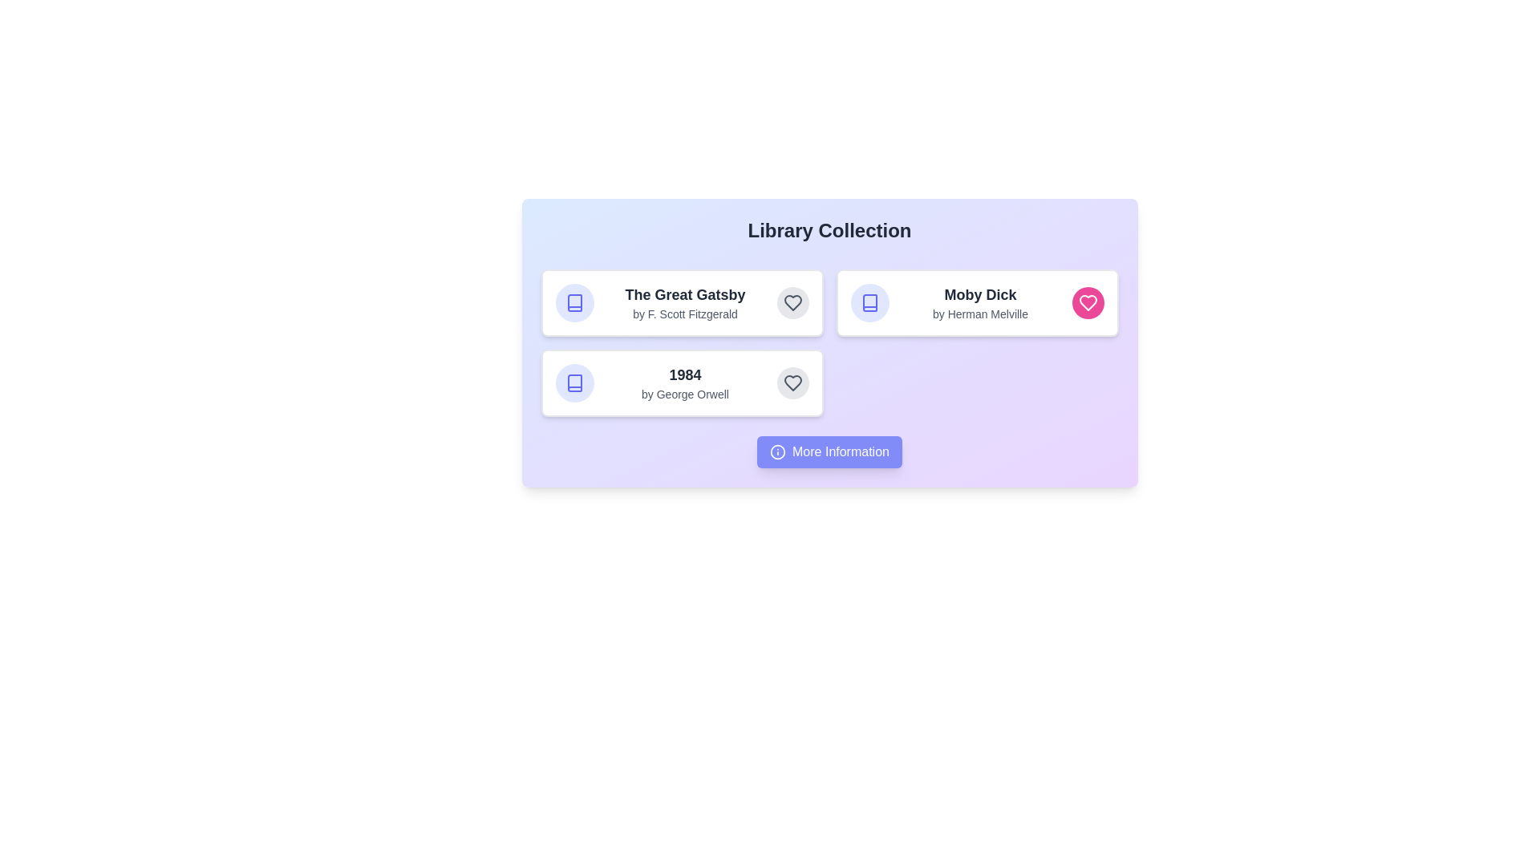  I want to click on 'More Information' button to view details of the resource items, so click(829, 451).